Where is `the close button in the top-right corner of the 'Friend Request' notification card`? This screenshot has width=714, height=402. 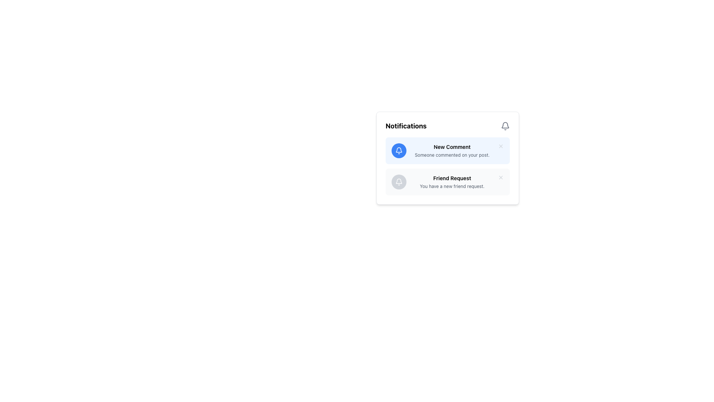 the close button in the top-right corner of the 'Friend Request' notification card is located at coordinates (501, 178).